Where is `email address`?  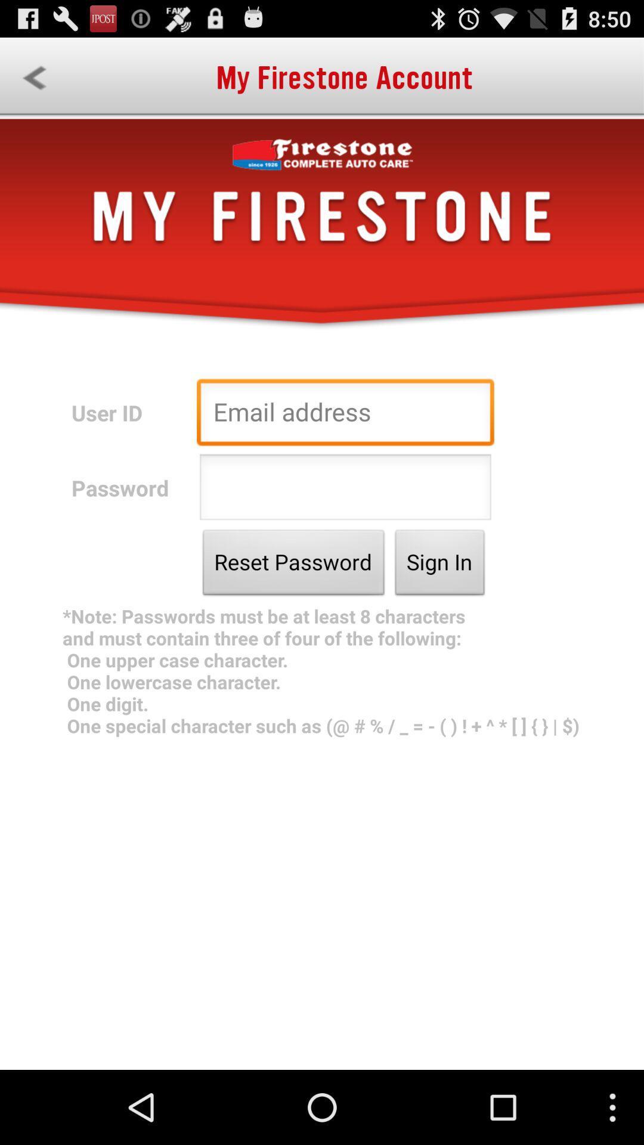
email address is located at coordinates (345, 415).